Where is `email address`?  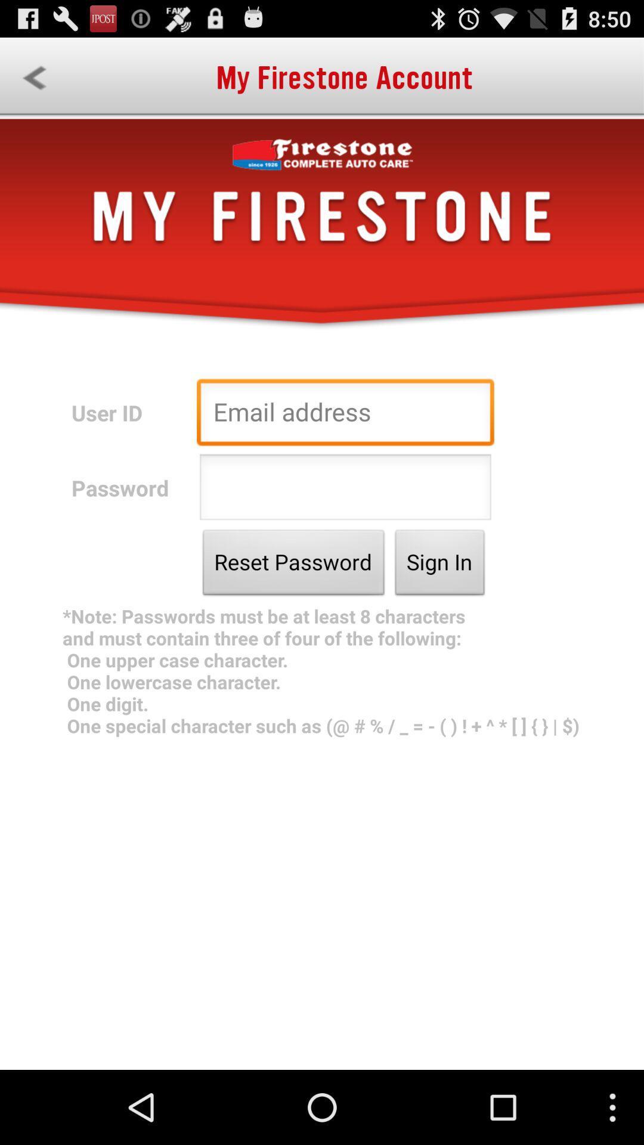
email address is located at coordinates (345, 415).